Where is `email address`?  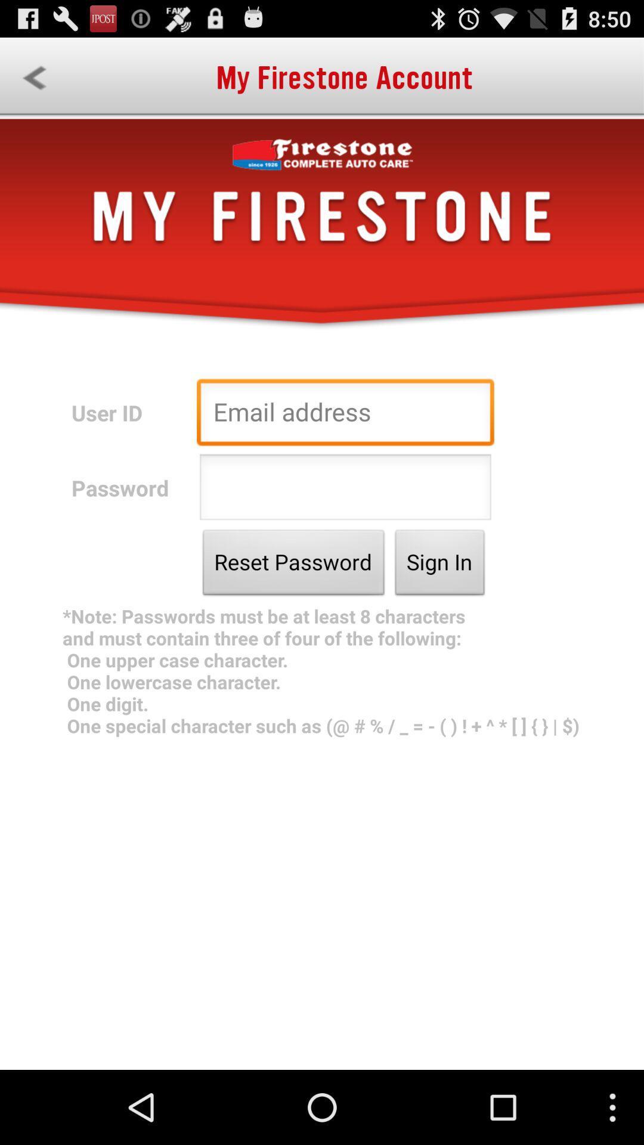
email address is located at coordinates (345, 415).